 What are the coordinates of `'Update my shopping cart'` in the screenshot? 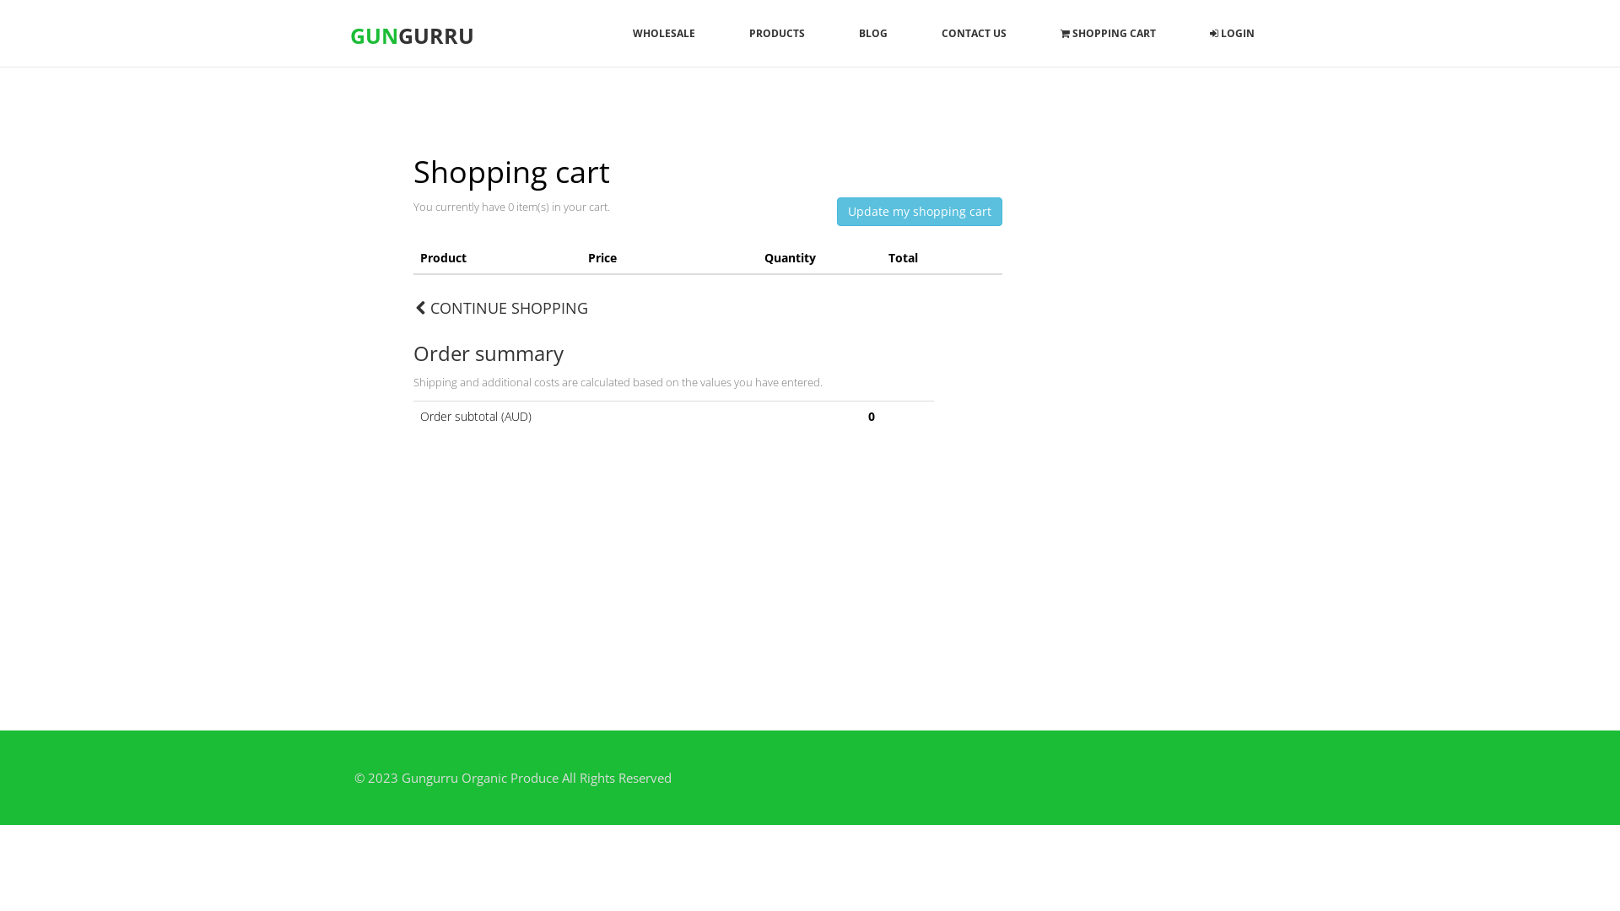 It's located at (918, 210).